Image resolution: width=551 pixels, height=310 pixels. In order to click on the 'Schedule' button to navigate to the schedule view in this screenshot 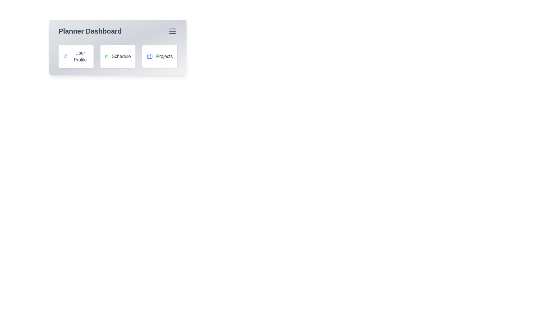, I will do `click(118, 56)`.